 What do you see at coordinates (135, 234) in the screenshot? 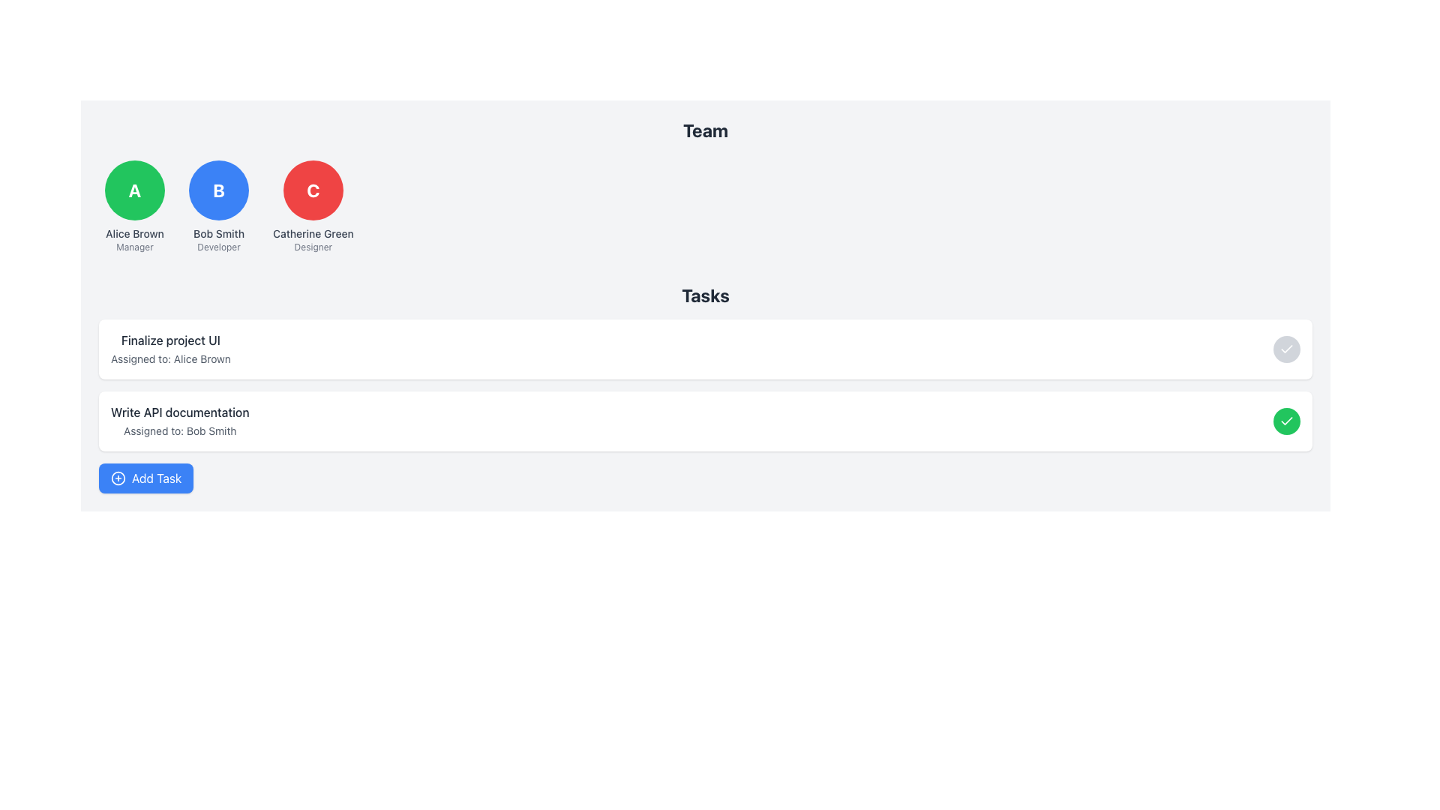
I see `the text label displaying the name 'Alice Brown', which is located below the green circular icon with 'A' in the leftmost column of the team members' group` at bounding box center [135, 234].